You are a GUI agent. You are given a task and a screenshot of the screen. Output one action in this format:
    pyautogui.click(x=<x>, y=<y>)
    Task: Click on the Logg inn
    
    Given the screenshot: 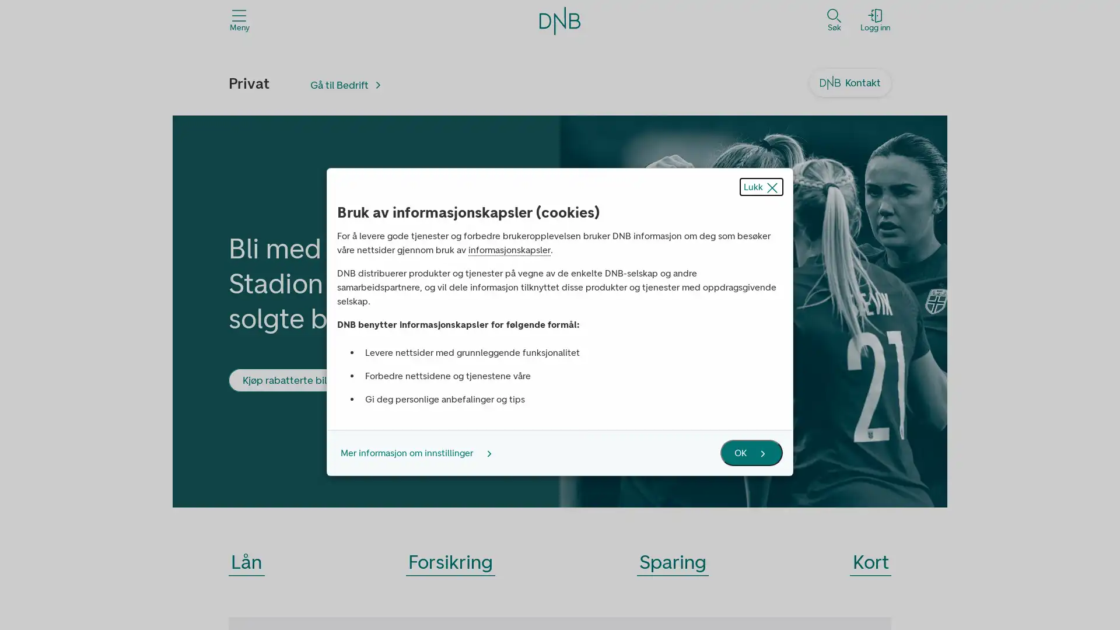 What is the action you would take?
    pyautogui.click(x=875, y=20)
    